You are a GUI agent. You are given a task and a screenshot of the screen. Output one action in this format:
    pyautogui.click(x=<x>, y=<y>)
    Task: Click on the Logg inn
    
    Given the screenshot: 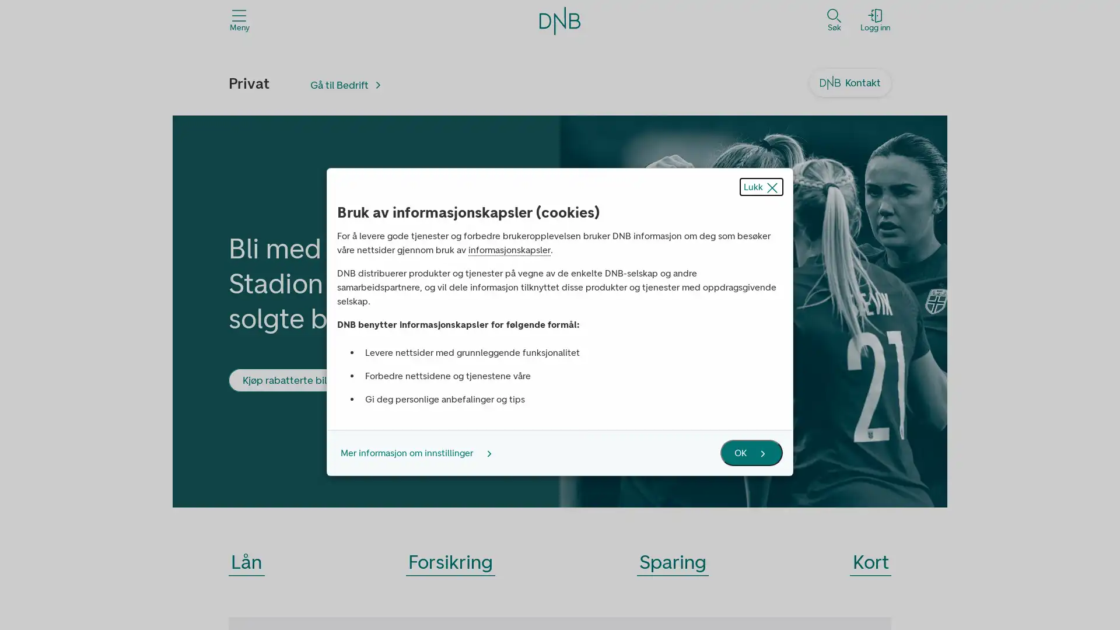 What is the action you would take?
    pyautogui.click(x=875, y=20)
    